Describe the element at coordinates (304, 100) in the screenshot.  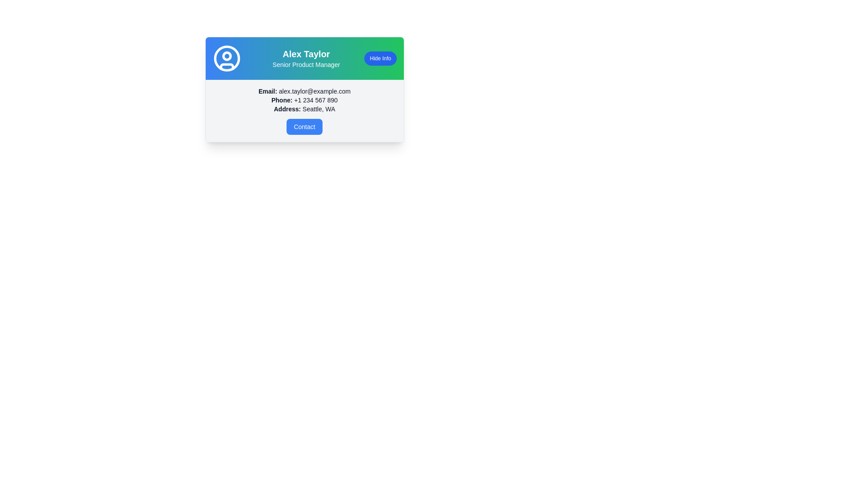
I see `static text displaying the phone number information, which is styled with 'Phone:' in bold followed by the phone number, located in the middle of the contact information block` at that location.